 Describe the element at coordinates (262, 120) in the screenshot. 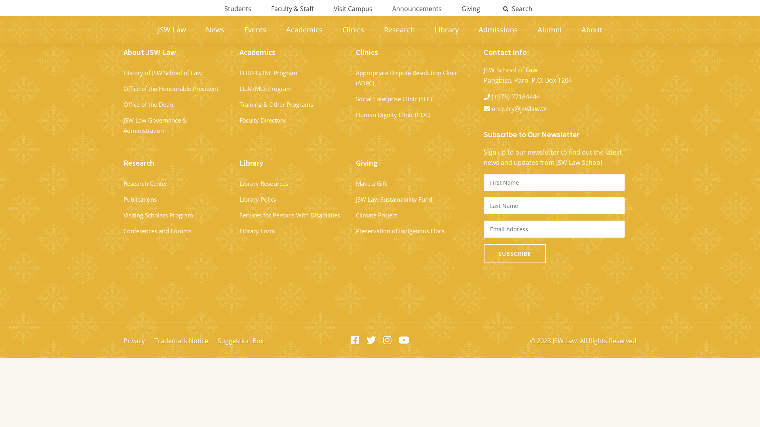

I see `'Faculty Directory'` at that location.